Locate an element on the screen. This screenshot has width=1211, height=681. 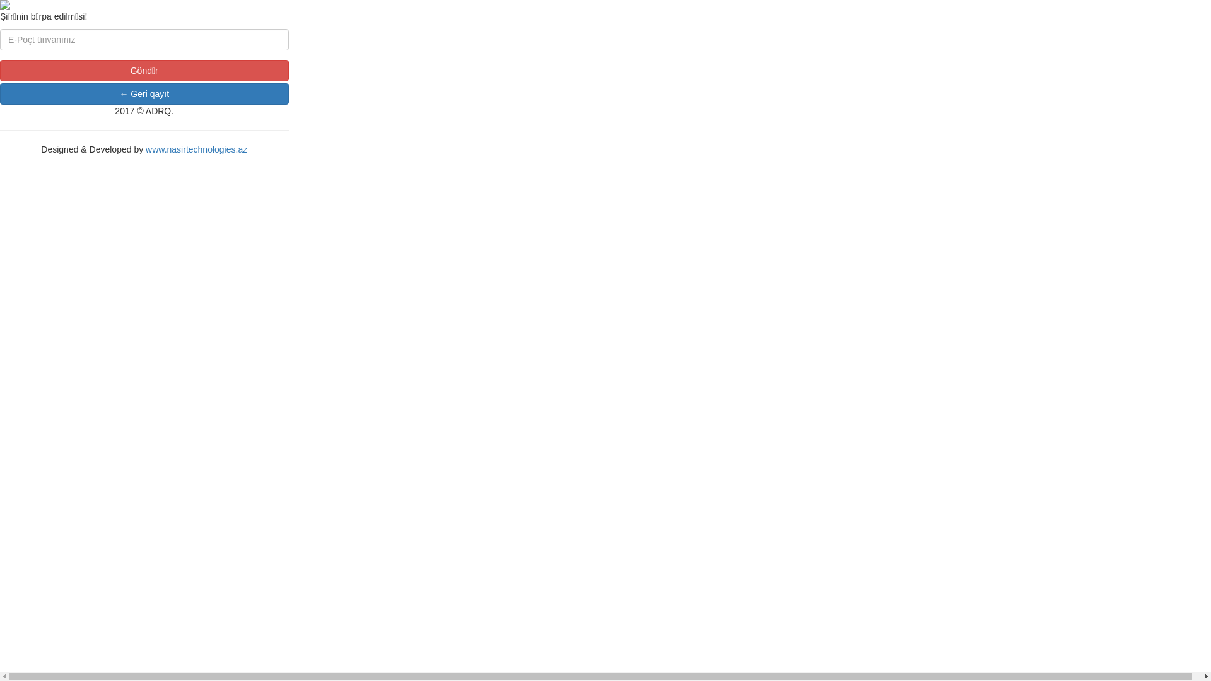
'www.nasirtechnologies.az' is located at coordinates (196, 148).